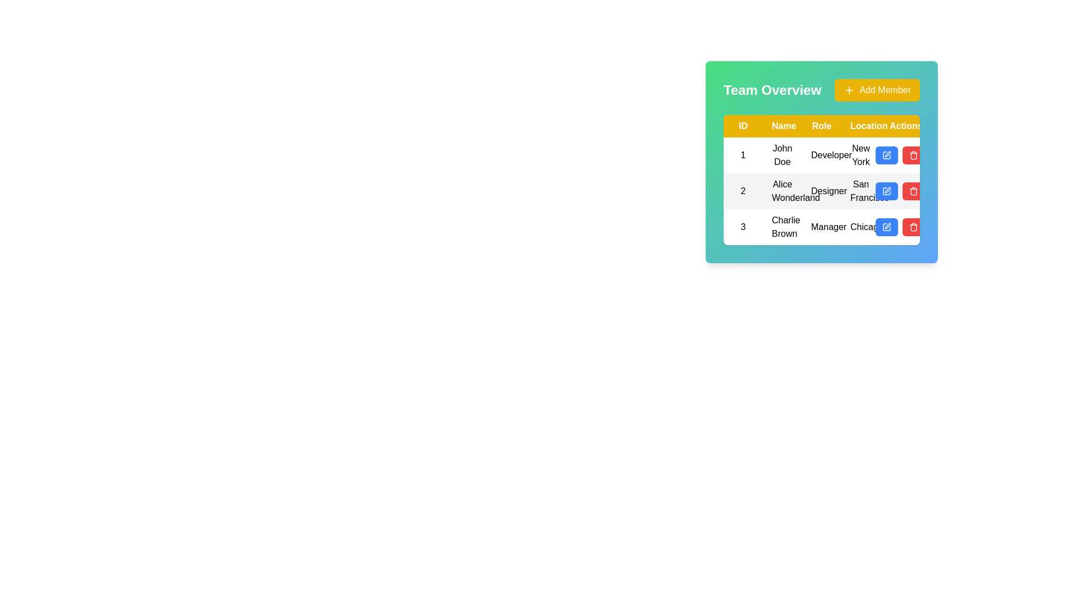 Image resolution: width=1077 pixels, height=606 pixels. Describe the element at coordinates (821, 227) in the screenshot. I see `the table row representing the team member 'Charlie Brown'` at that location.